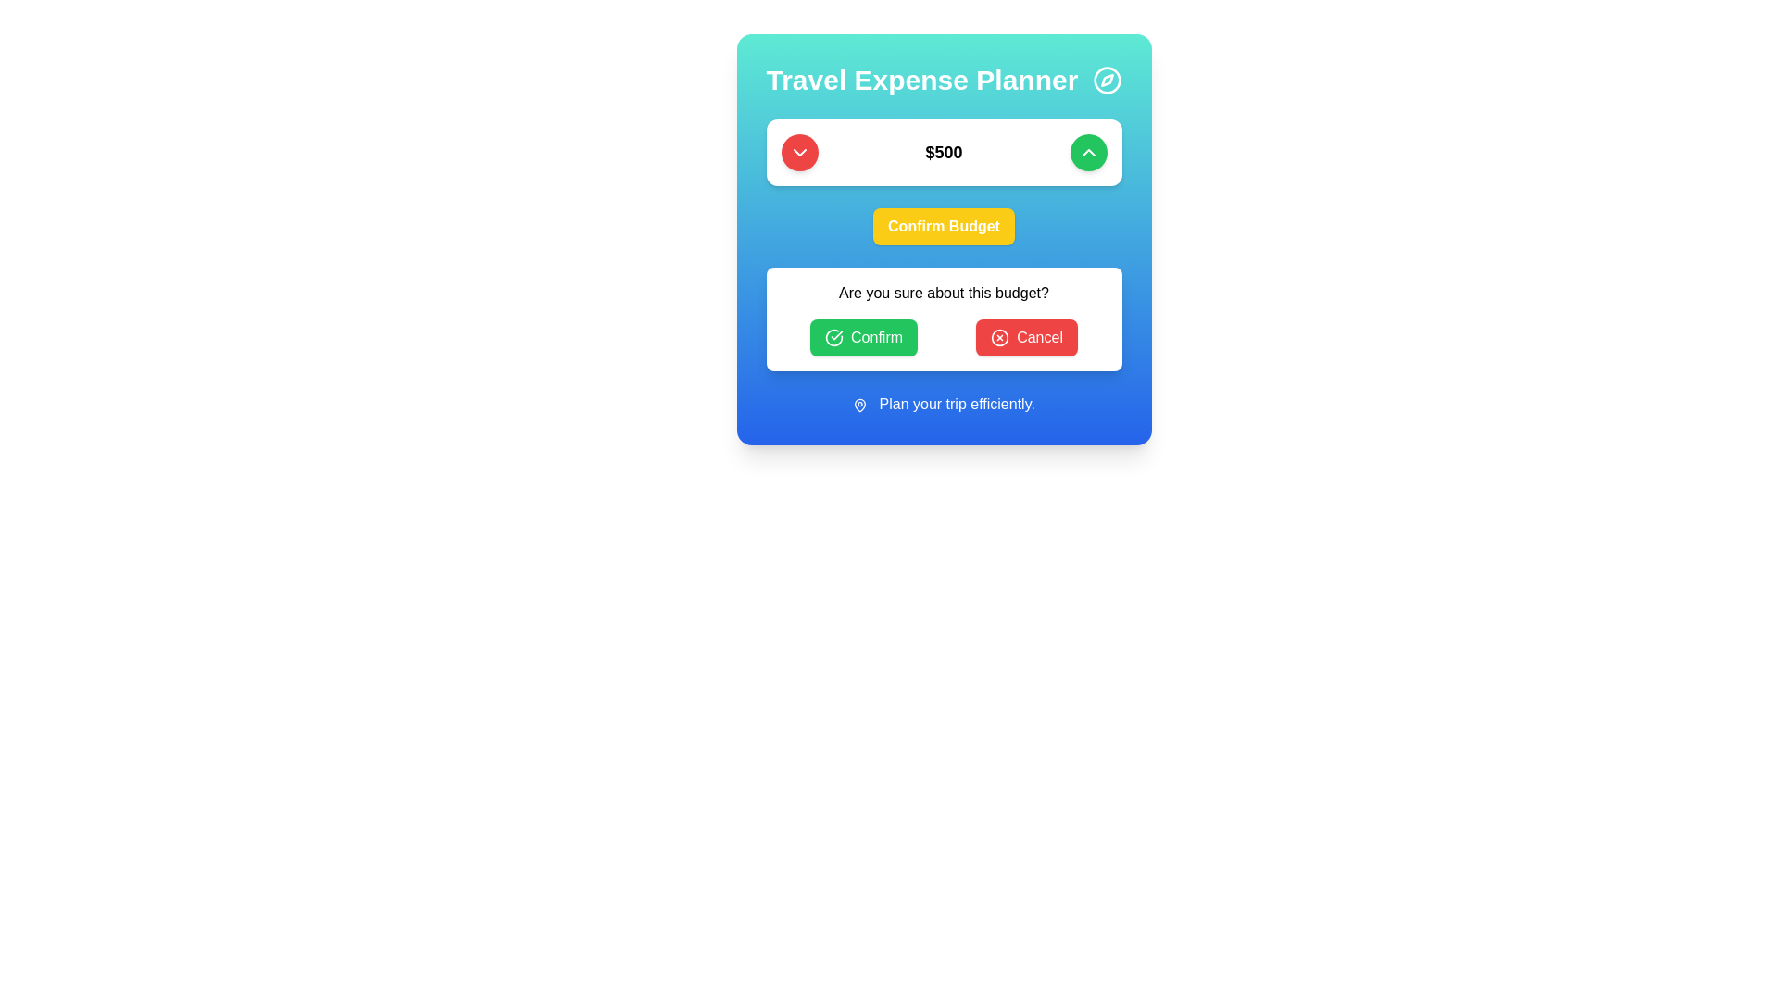 Image resolution: width=1778 pixels, height=1000 pixels. I want to click on the yellow 'Confirm Budget' button with bold white text located centrally below the budget selection group to confirm the budget, so click(944, 181).